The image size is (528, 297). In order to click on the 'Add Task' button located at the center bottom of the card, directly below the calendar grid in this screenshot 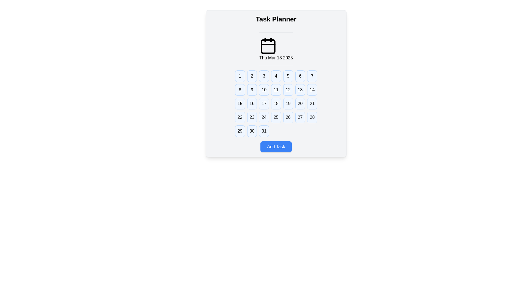, I will do `click(276, 146)`.